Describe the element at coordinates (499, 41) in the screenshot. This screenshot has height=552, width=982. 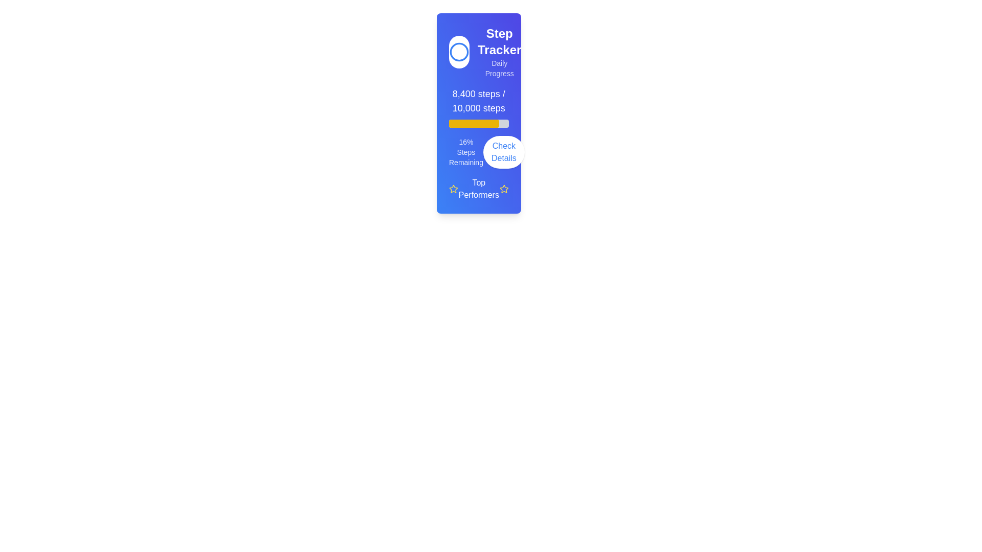
I see `text label that displays 'Step Tracker', which is prominently styled with a larger font size and bold weight, located at the top of the card containing progress and performance data` at that location.